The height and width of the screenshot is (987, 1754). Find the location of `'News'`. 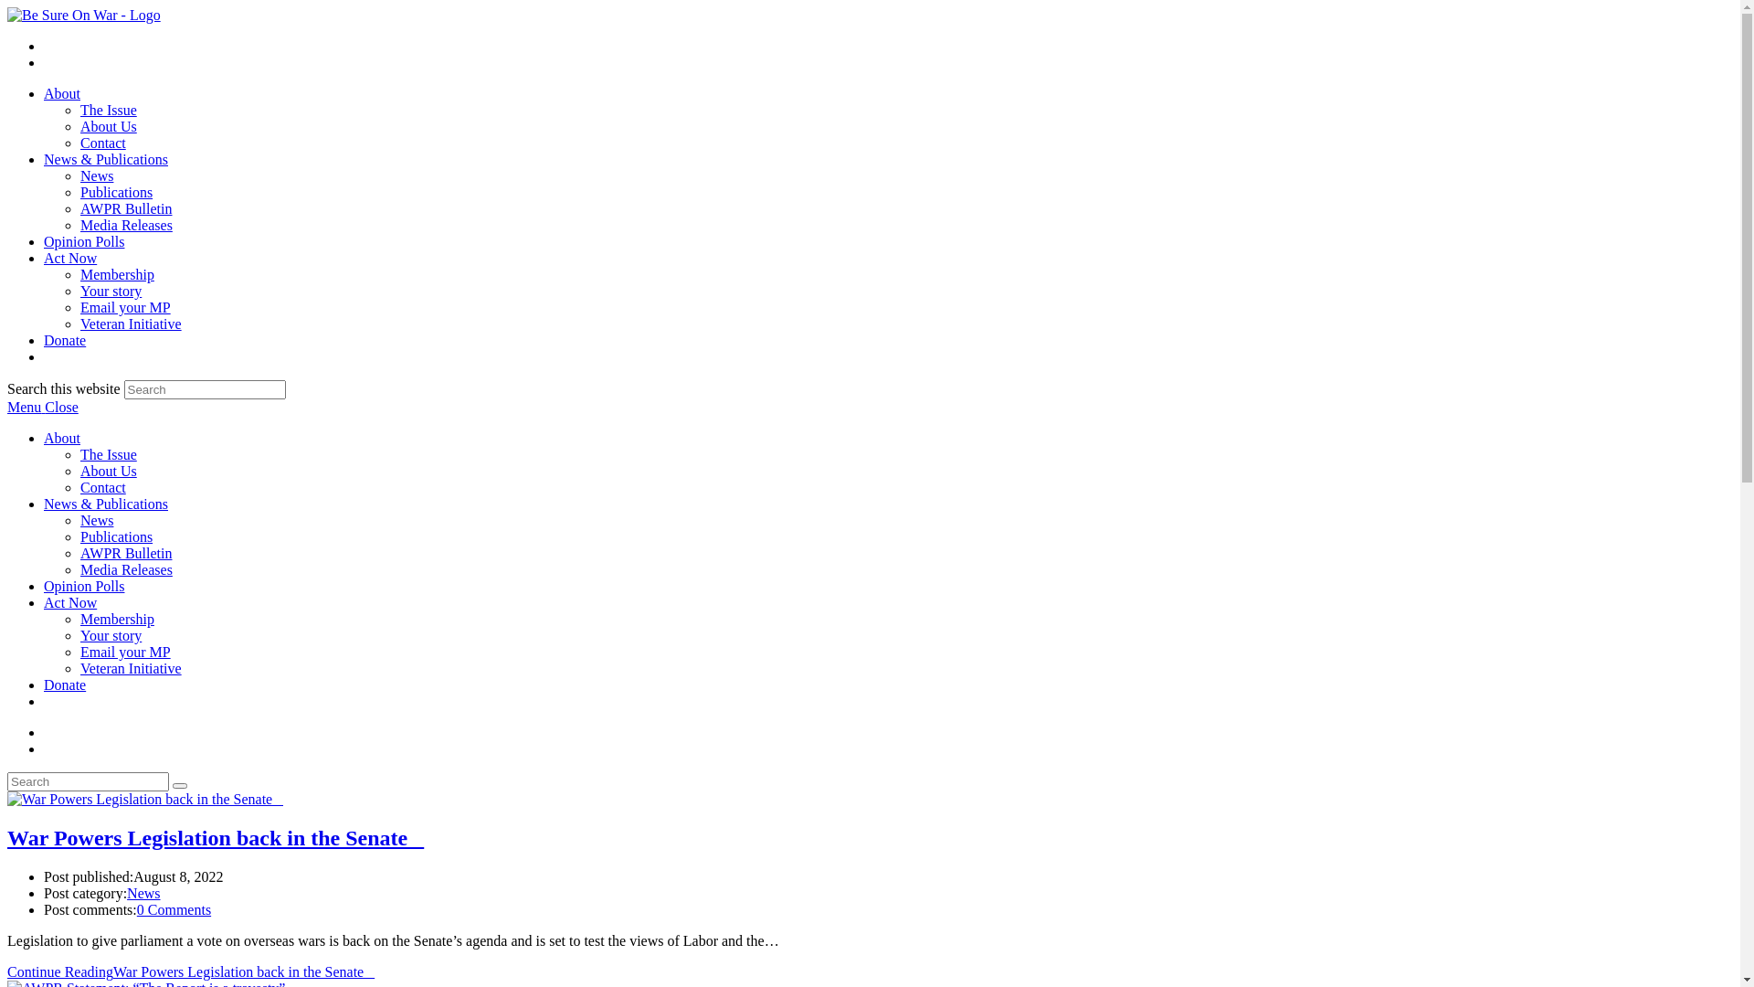

'News' is located at coordinates (143, 892).